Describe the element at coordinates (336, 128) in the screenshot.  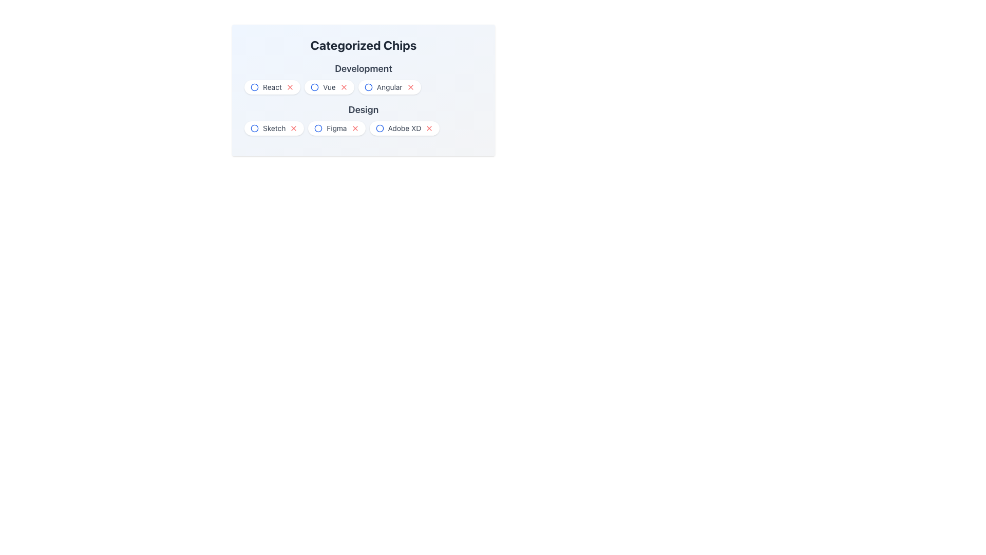
I see `the 'Figma' button, which is the second button in the 'Design' category` at that location.